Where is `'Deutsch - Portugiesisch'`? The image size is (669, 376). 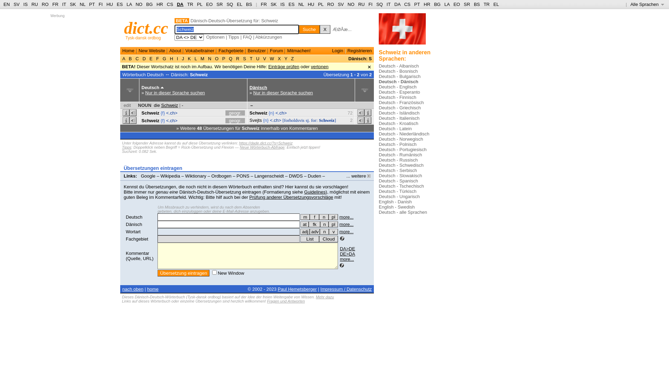 'Deutsch - Portugiesisch' is located at coordinates (402, 149).